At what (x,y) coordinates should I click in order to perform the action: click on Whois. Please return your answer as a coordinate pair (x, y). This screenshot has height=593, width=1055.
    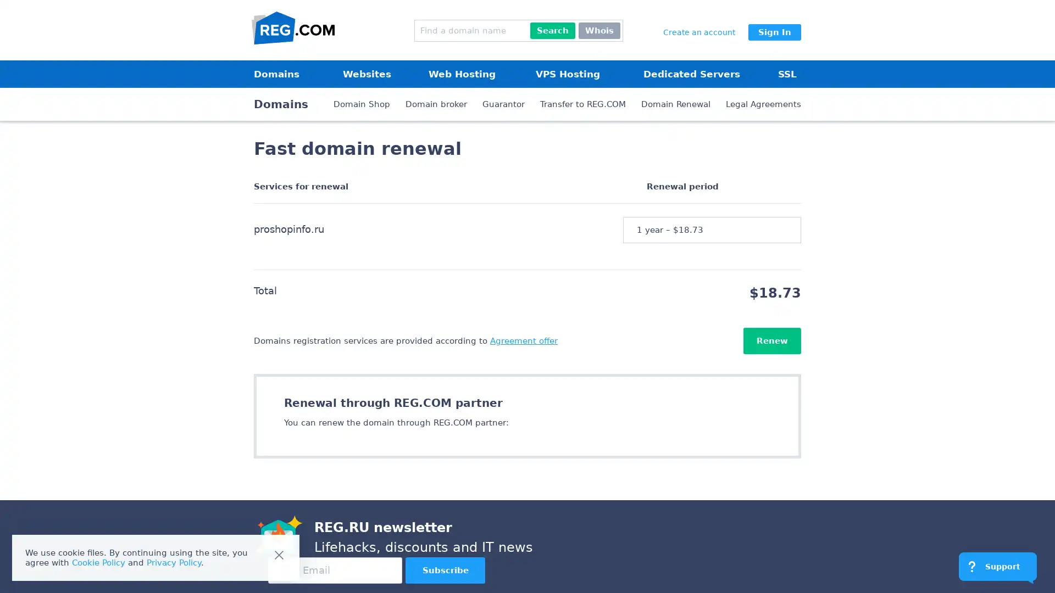
    Looking at the image, I should click on (598, 30).